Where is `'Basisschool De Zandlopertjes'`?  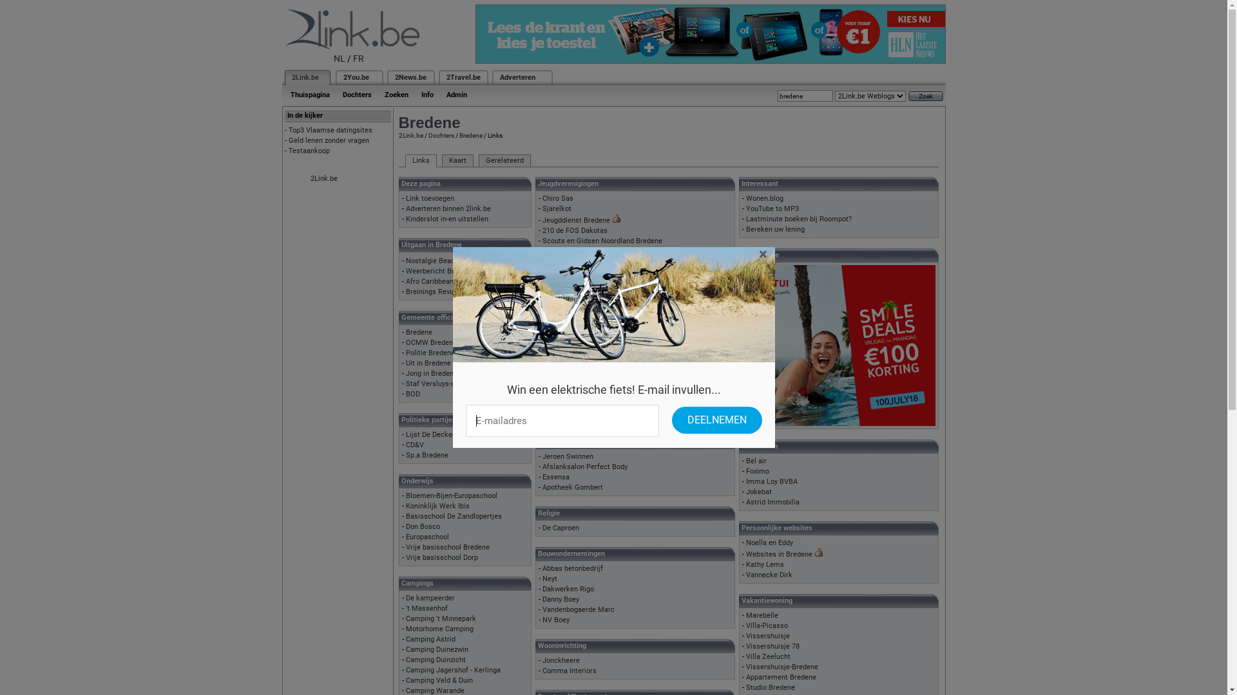
'Basisschool De Zandlopertjes' is located at coordinates (405, 515).